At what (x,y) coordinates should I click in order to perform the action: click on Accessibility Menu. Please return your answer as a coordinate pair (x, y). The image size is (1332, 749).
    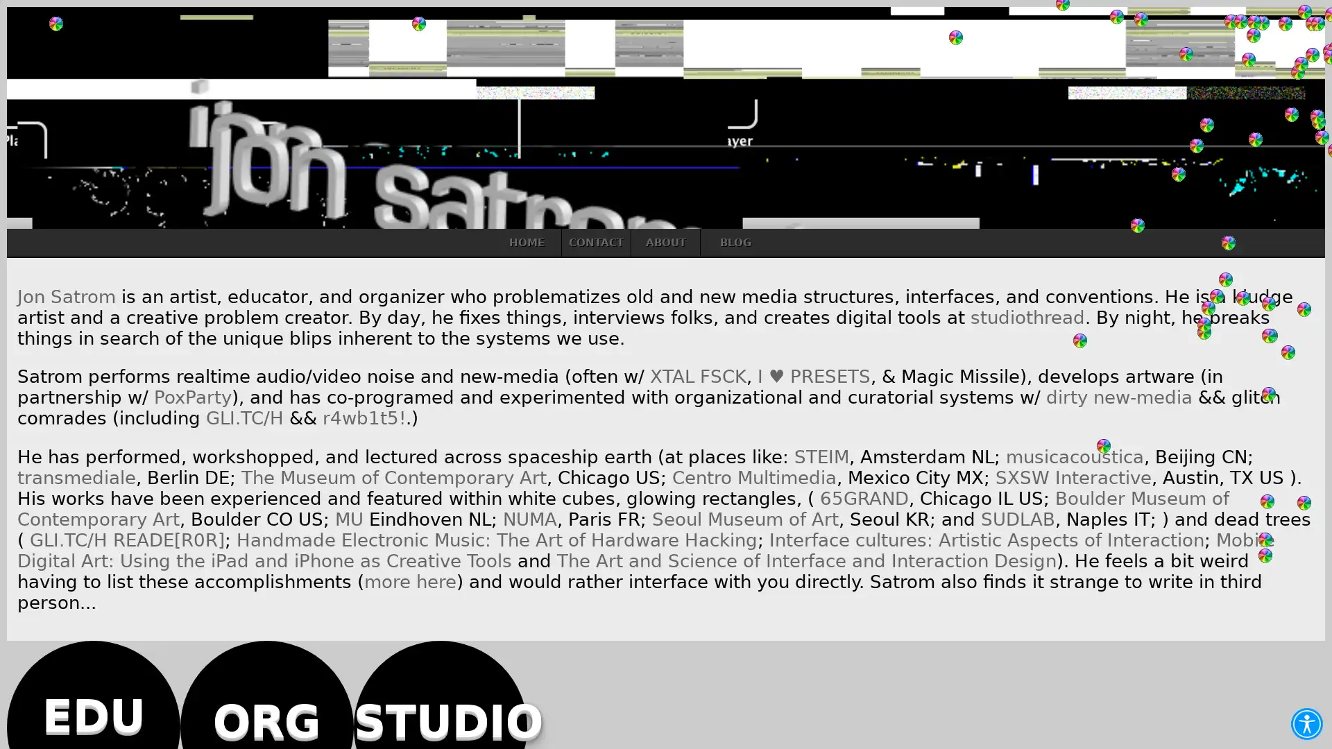
    Looking at the image, I should click on (1306, 723).